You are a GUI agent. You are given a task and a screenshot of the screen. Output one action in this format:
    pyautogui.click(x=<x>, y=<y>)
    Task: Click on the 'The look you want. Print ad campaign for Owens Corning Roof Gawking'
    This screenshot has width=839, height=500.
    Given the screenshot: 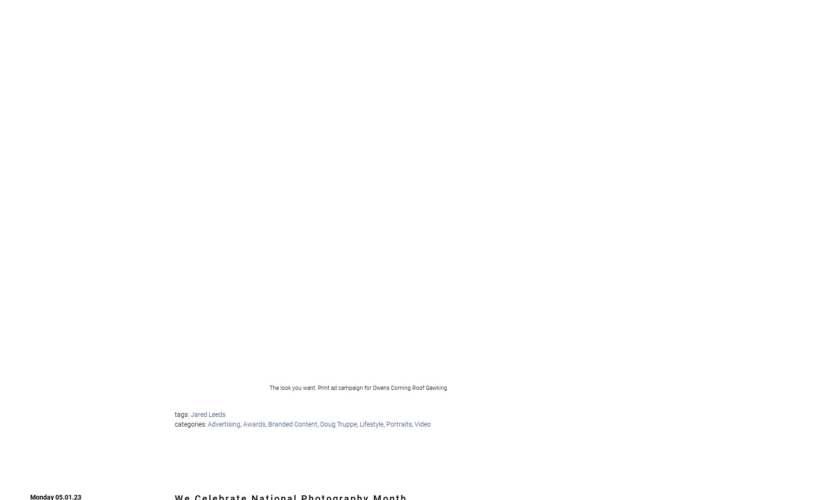 What is the action you would take?
    pyautogui.click(x=359, y=387)
    